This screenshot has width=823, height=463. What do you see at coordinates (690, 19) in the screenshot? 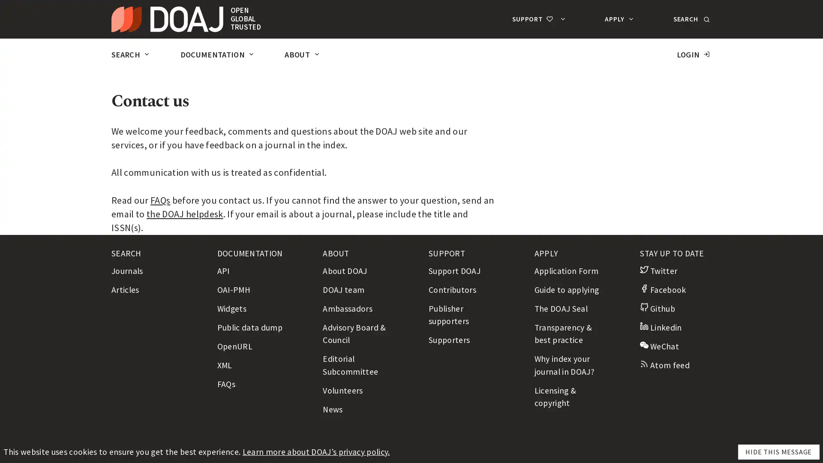
I see `SEARCH` at bounding box center [690, 19].